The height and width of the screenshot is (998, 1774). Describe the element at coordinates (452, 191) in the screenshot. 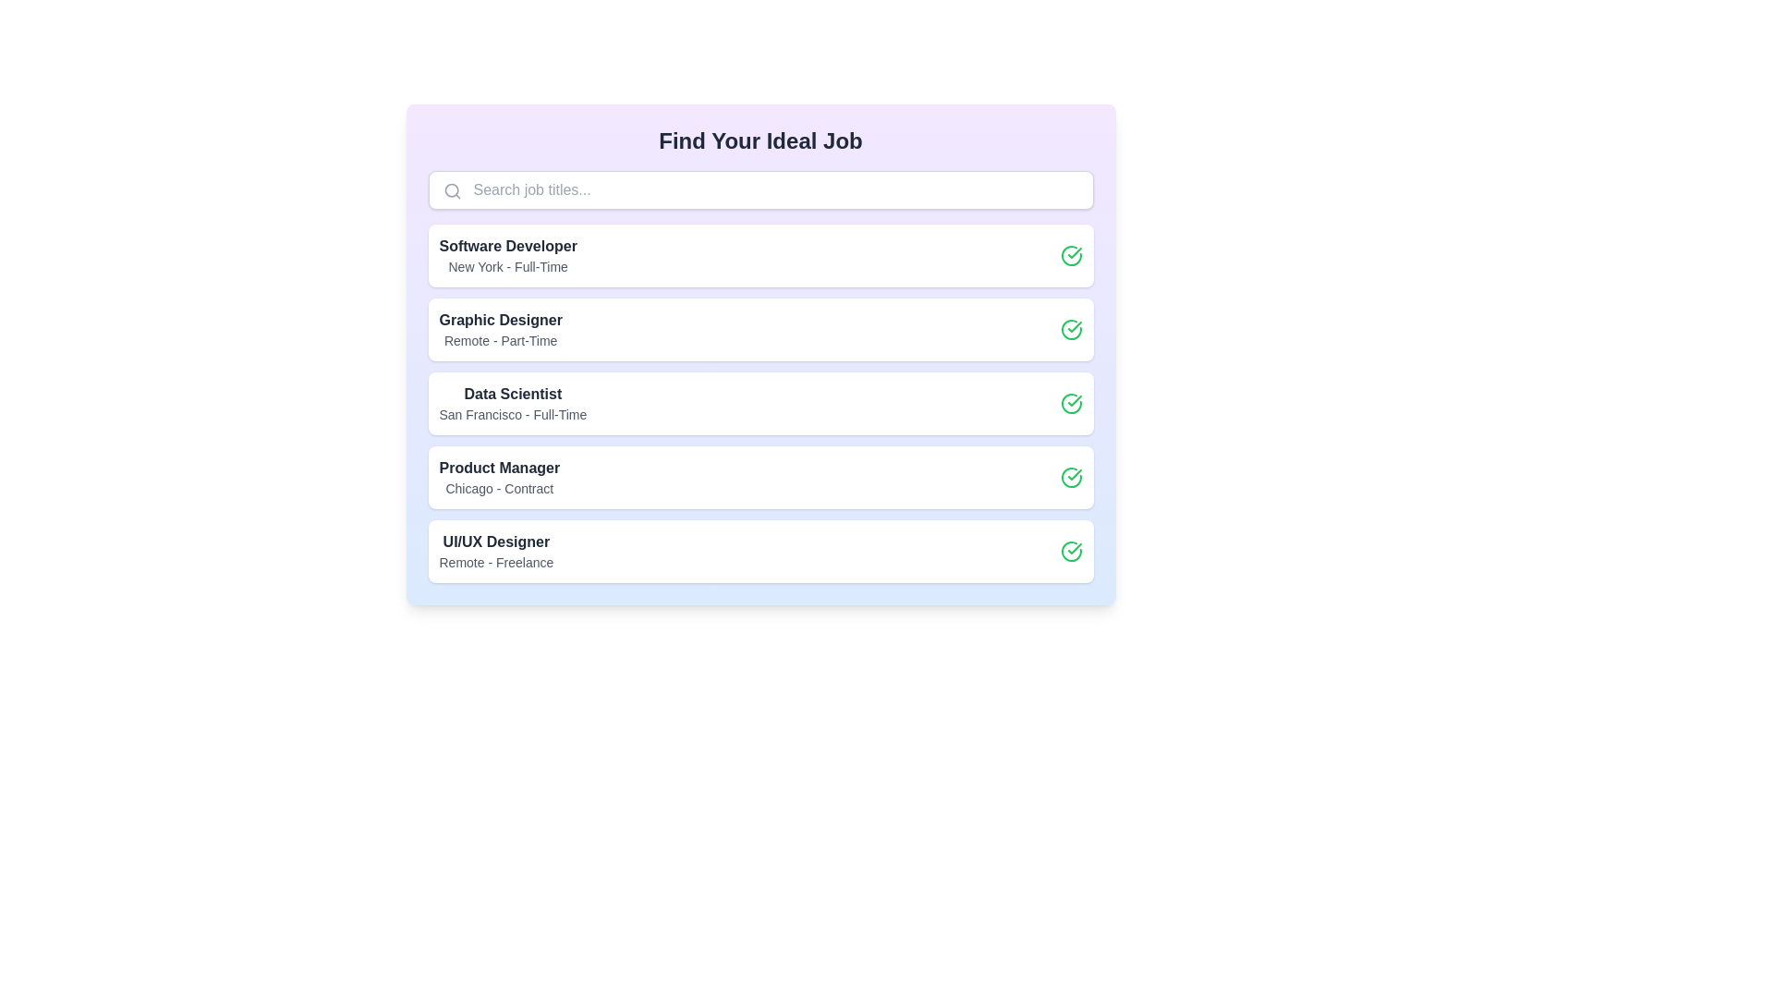

I see `the search icon located near the left edge of the search bar` at that location.